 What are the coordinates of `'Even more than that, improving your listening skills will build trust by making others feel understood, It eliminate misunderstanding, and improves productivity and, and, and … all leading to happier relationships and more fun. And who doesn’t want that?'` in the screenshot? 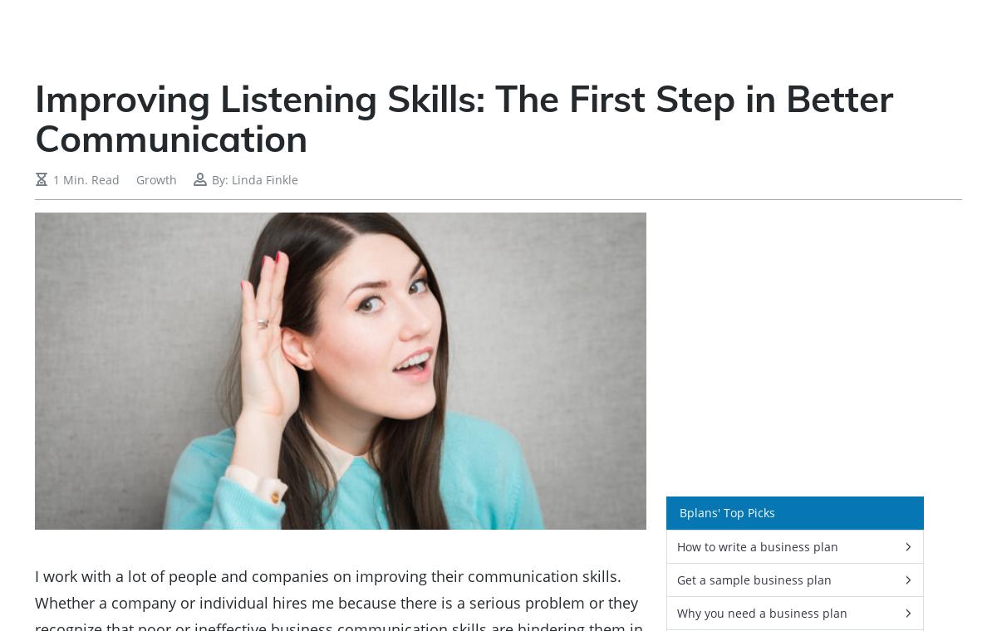 It's located at (331, 130).